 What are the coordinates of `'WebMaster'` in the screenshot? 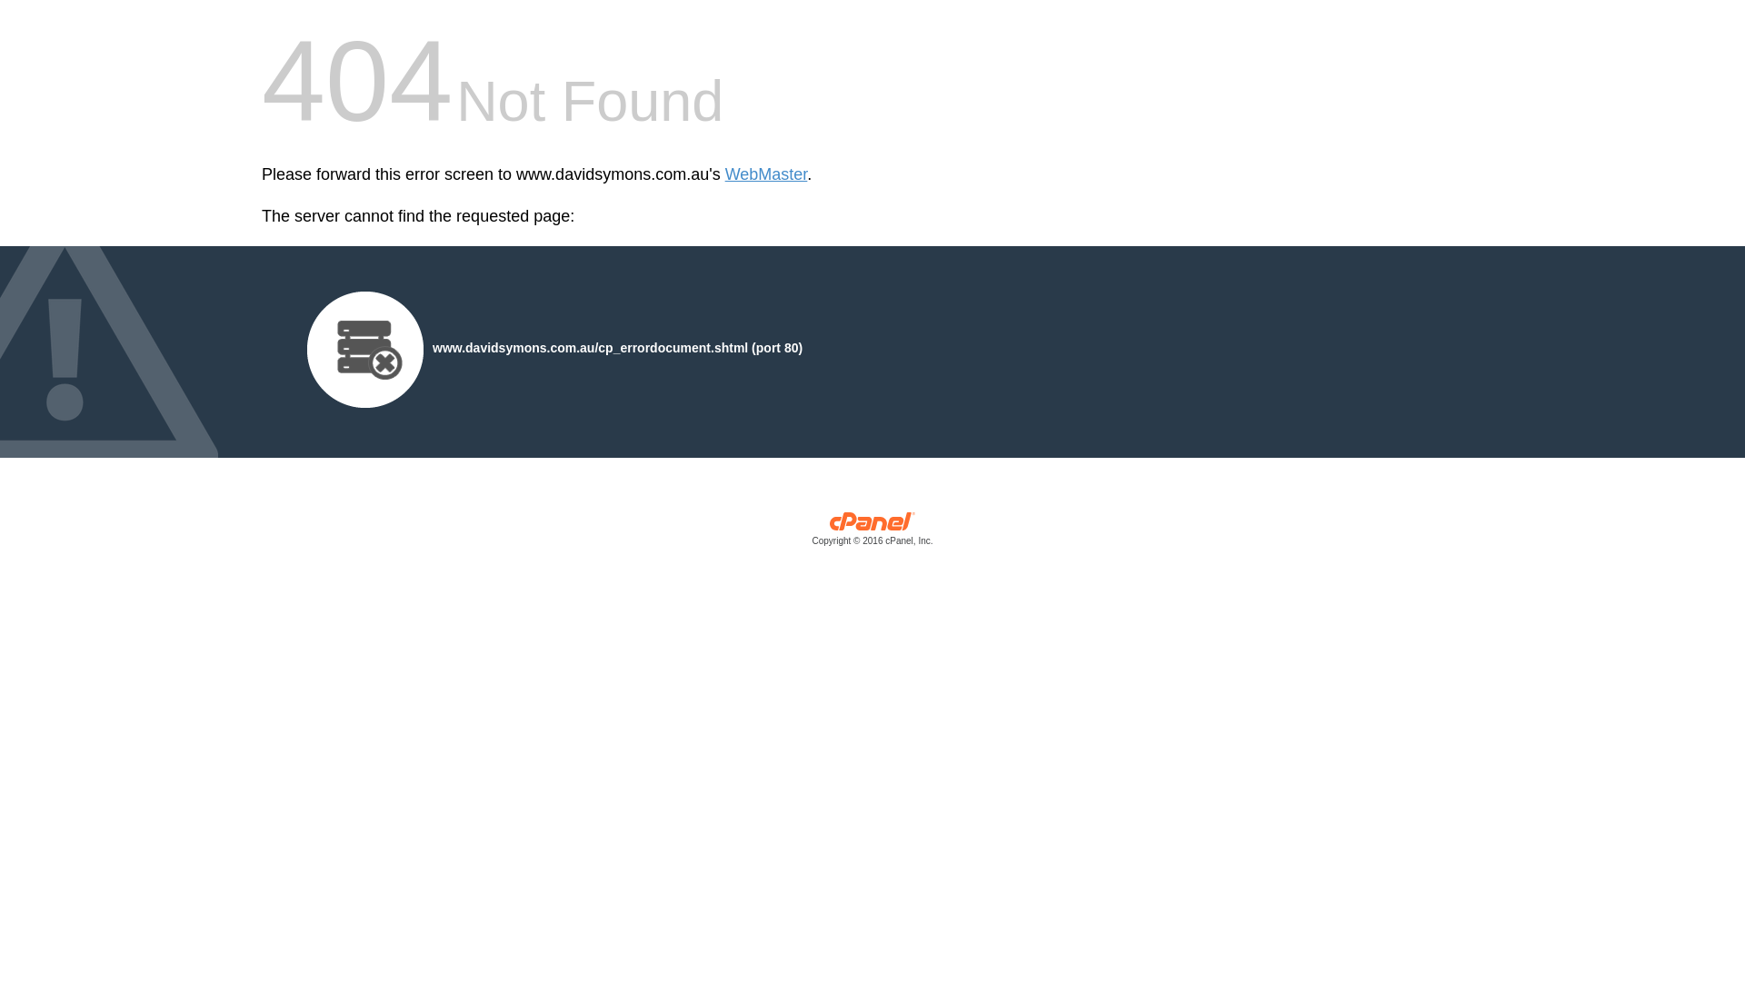 It's located at (766, 174).